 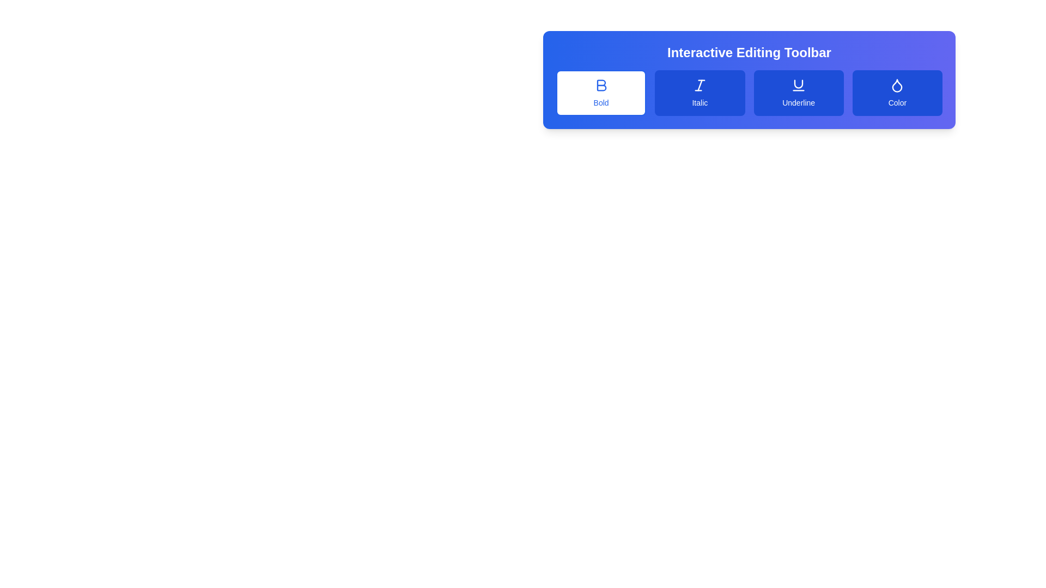 I want to click on the Bold formatting icon located in the upper-left section of the 'Interactive Editing Toolbar', so click(x=600, y=85).